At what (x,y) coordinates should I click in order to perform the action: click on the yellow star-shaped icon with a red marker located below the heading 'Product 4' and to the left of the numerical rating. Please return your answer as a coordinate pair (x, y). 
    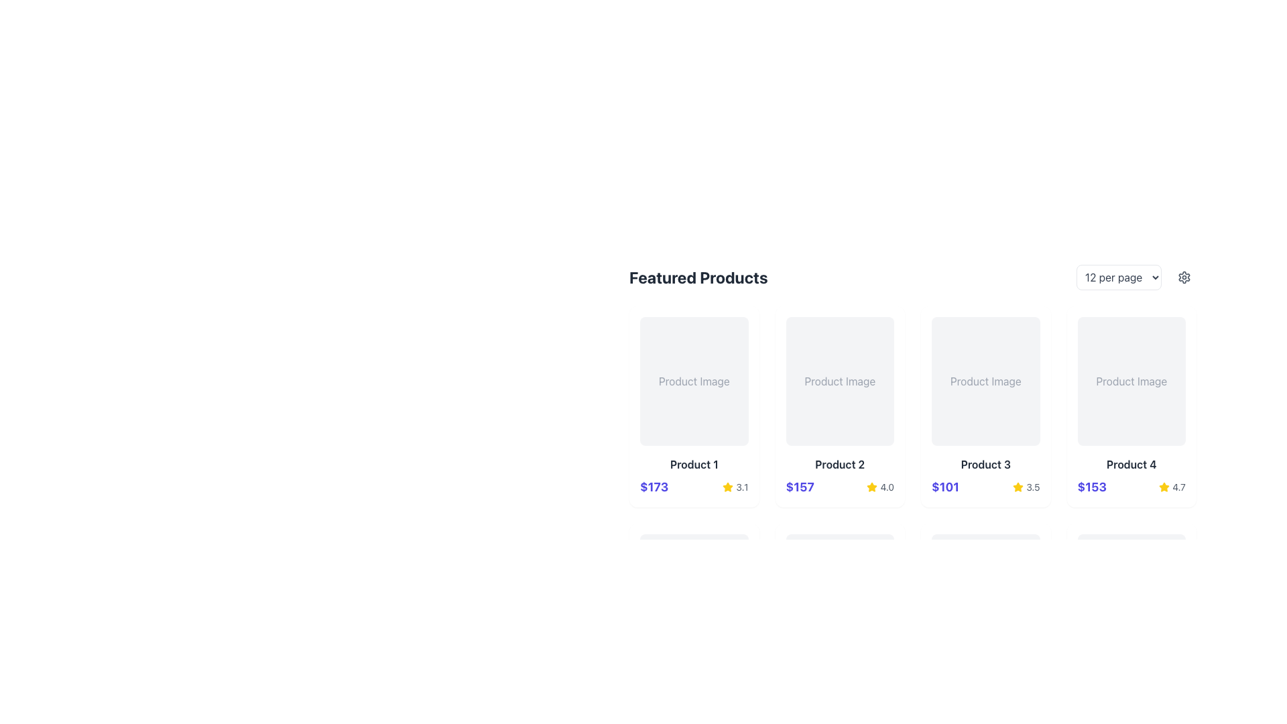
    Looking at the image, I should click on (1164, 487).